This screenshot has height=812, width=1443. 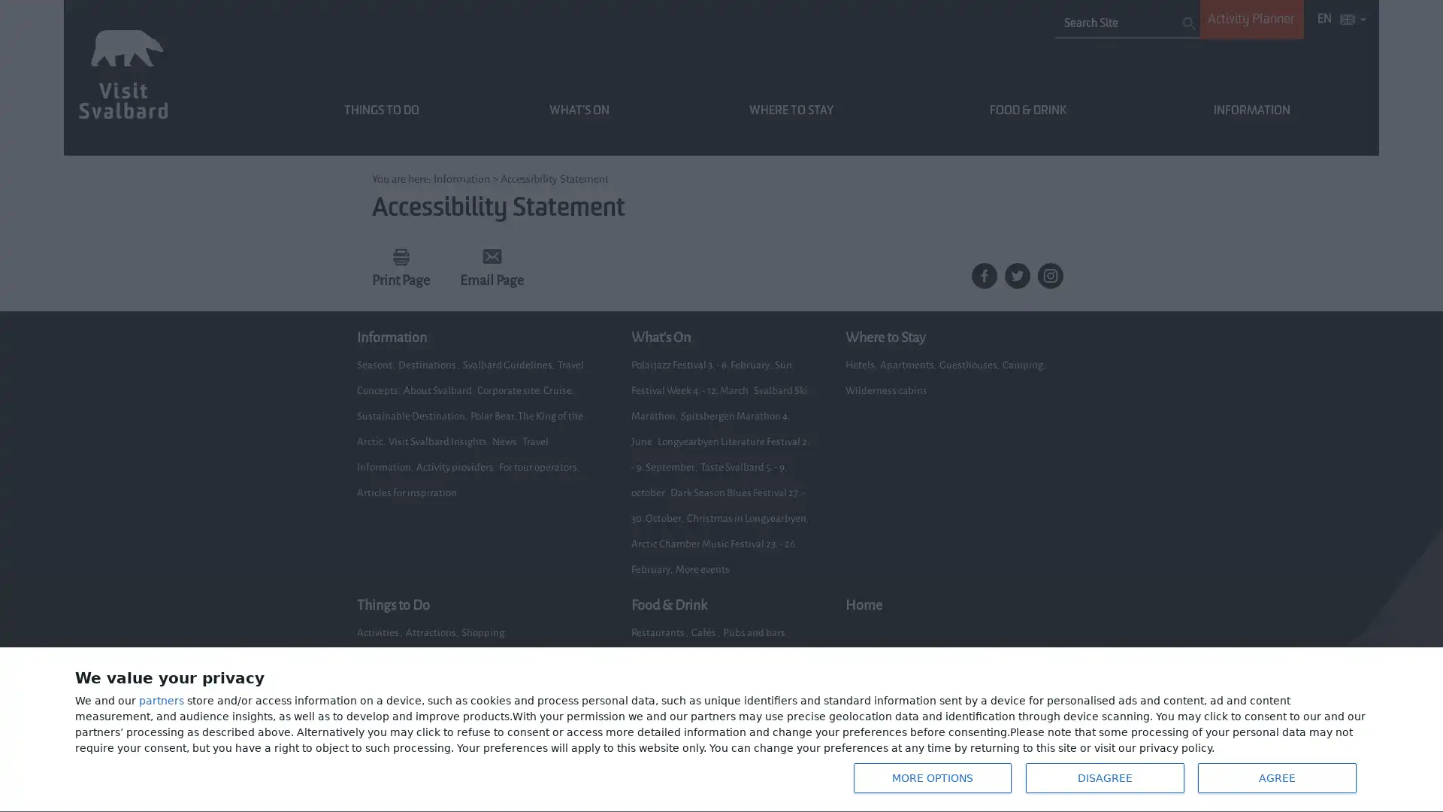 I want to click on MORE OPTIONS, so click(x=930, y=777).